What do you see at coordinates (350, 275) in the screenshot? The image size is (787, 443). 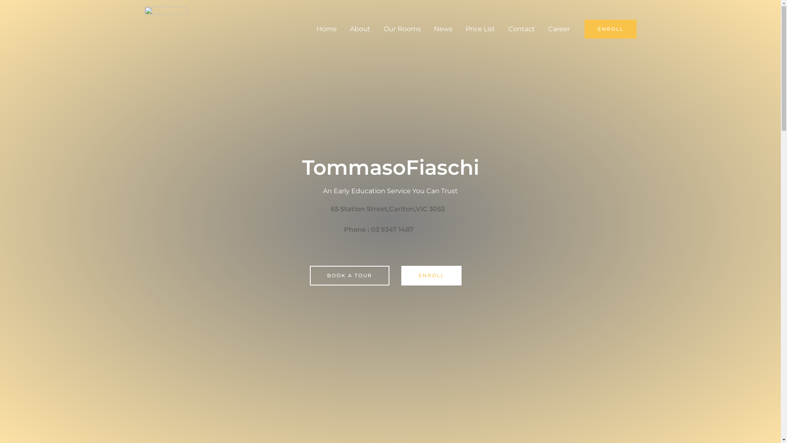 I see `'BOOK A TOUR'` at bounding box center [350, 275].